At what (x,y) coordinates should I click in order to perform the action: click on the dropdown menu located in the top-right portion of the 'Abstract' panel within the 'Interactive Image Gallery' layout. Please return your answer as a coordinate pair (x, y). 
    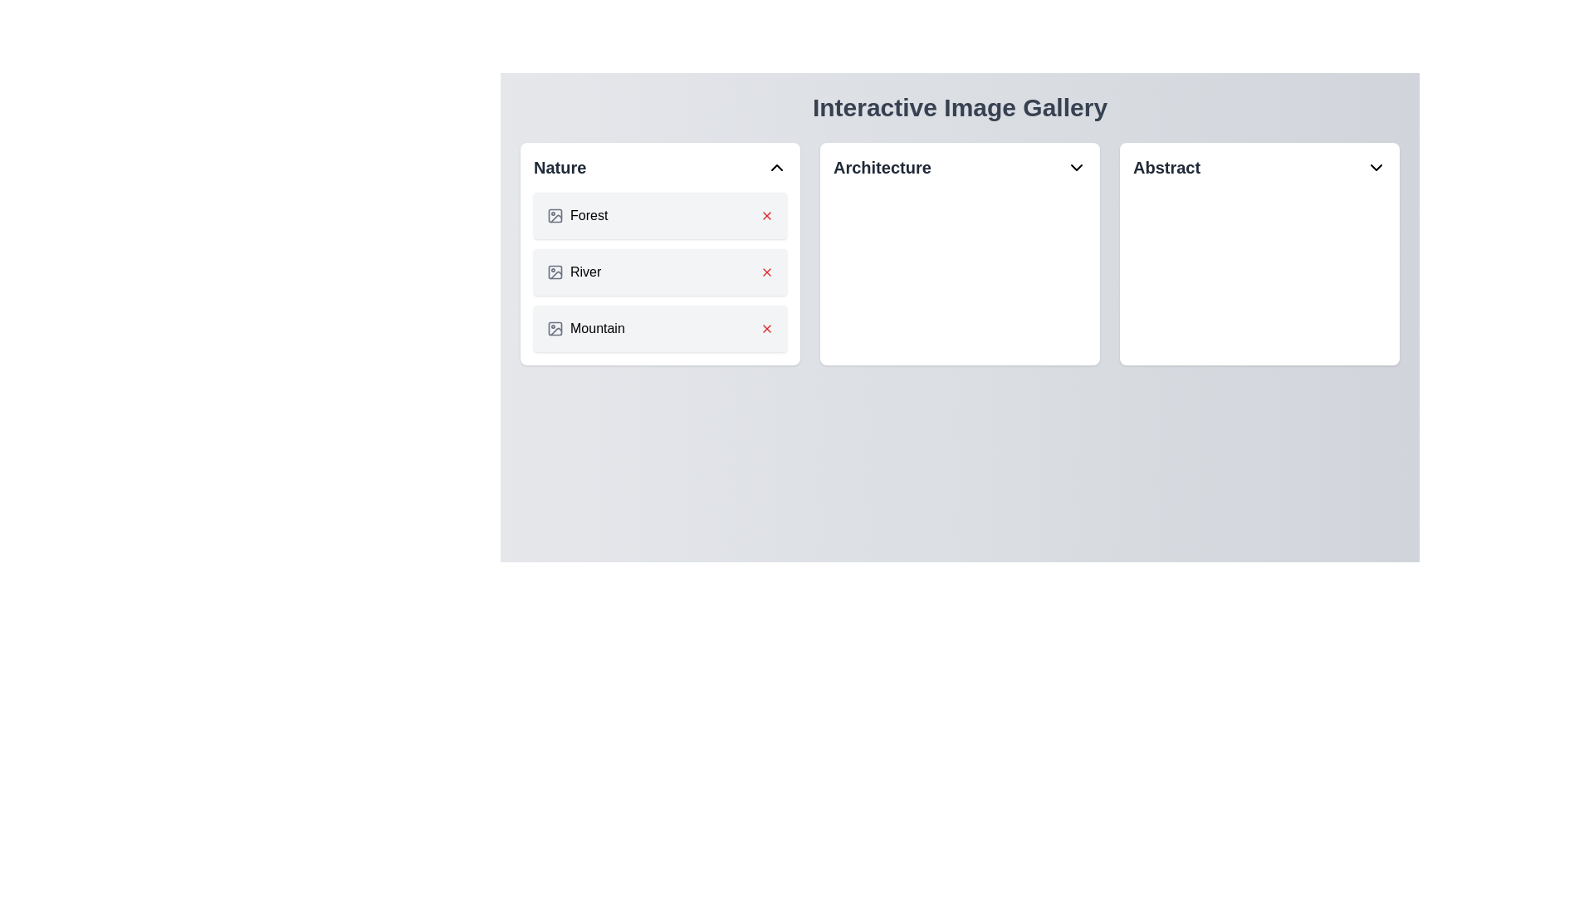
    Looking at the image, I should click on (1259, 167).